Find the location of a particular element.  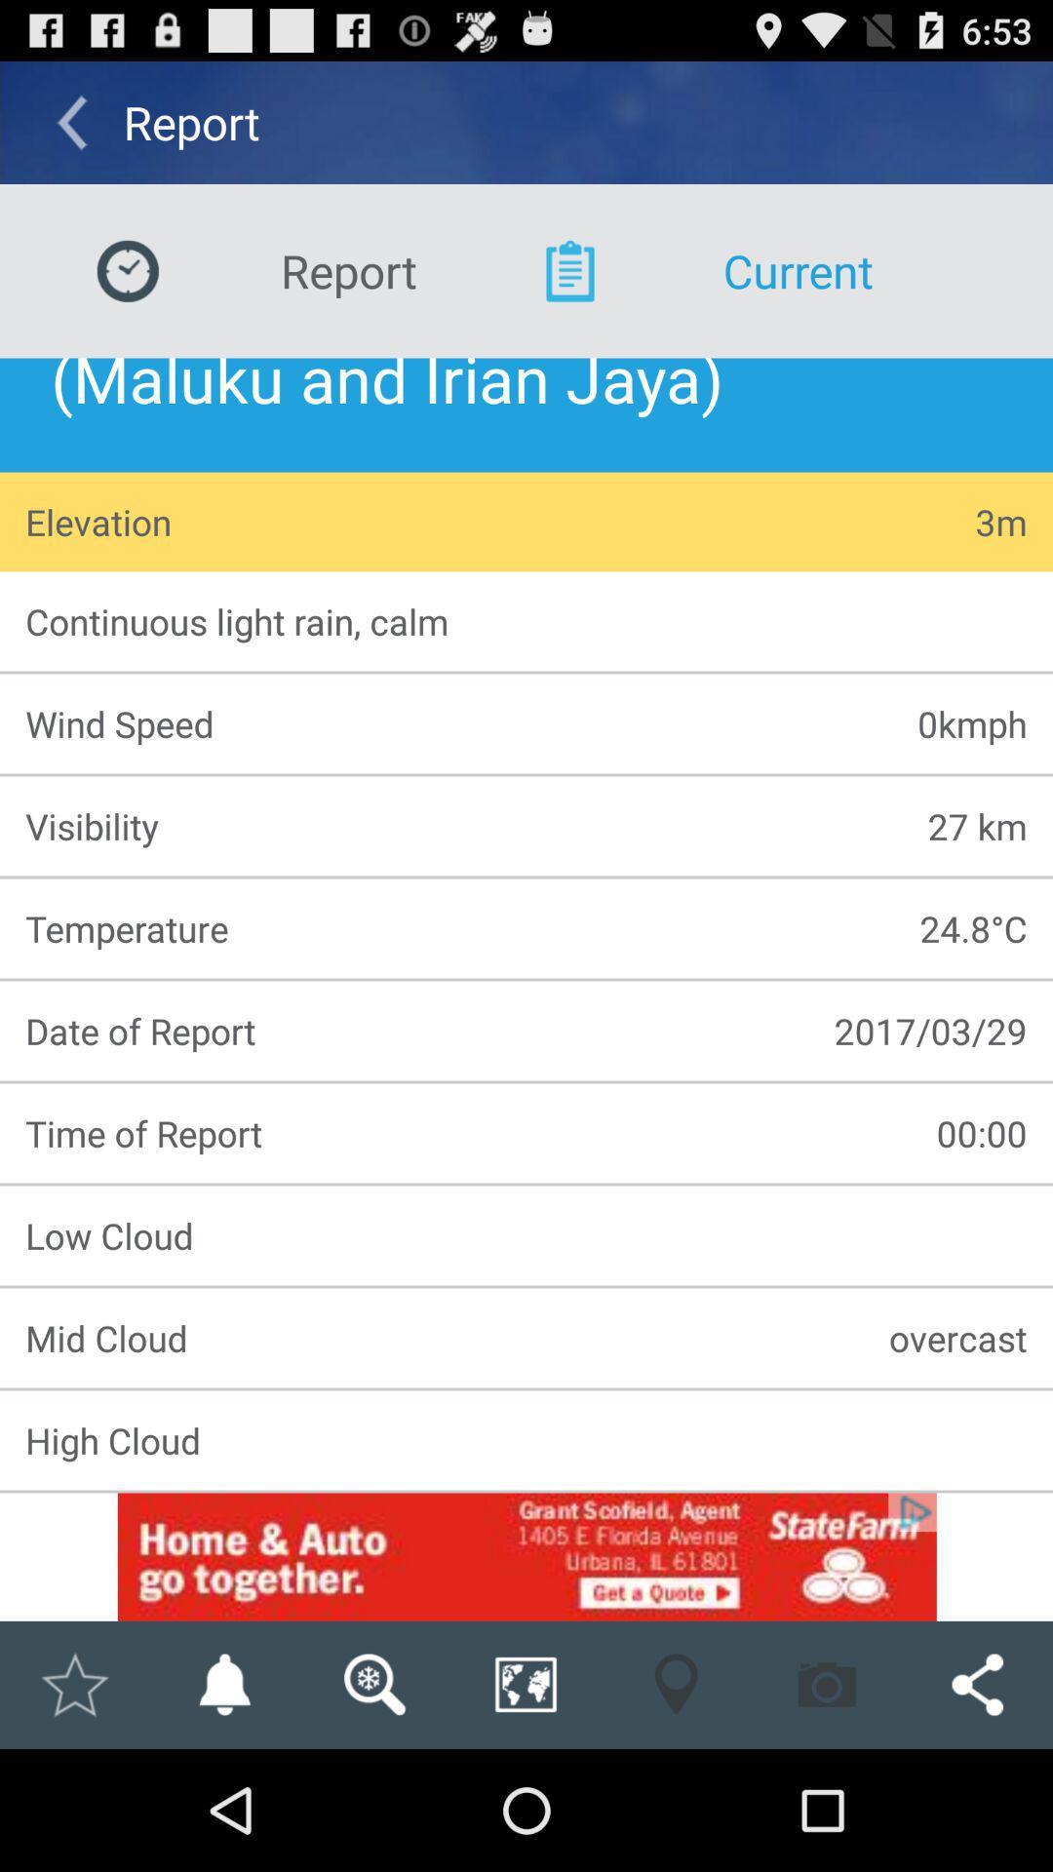

search option is located at coordinates (374, 1684).